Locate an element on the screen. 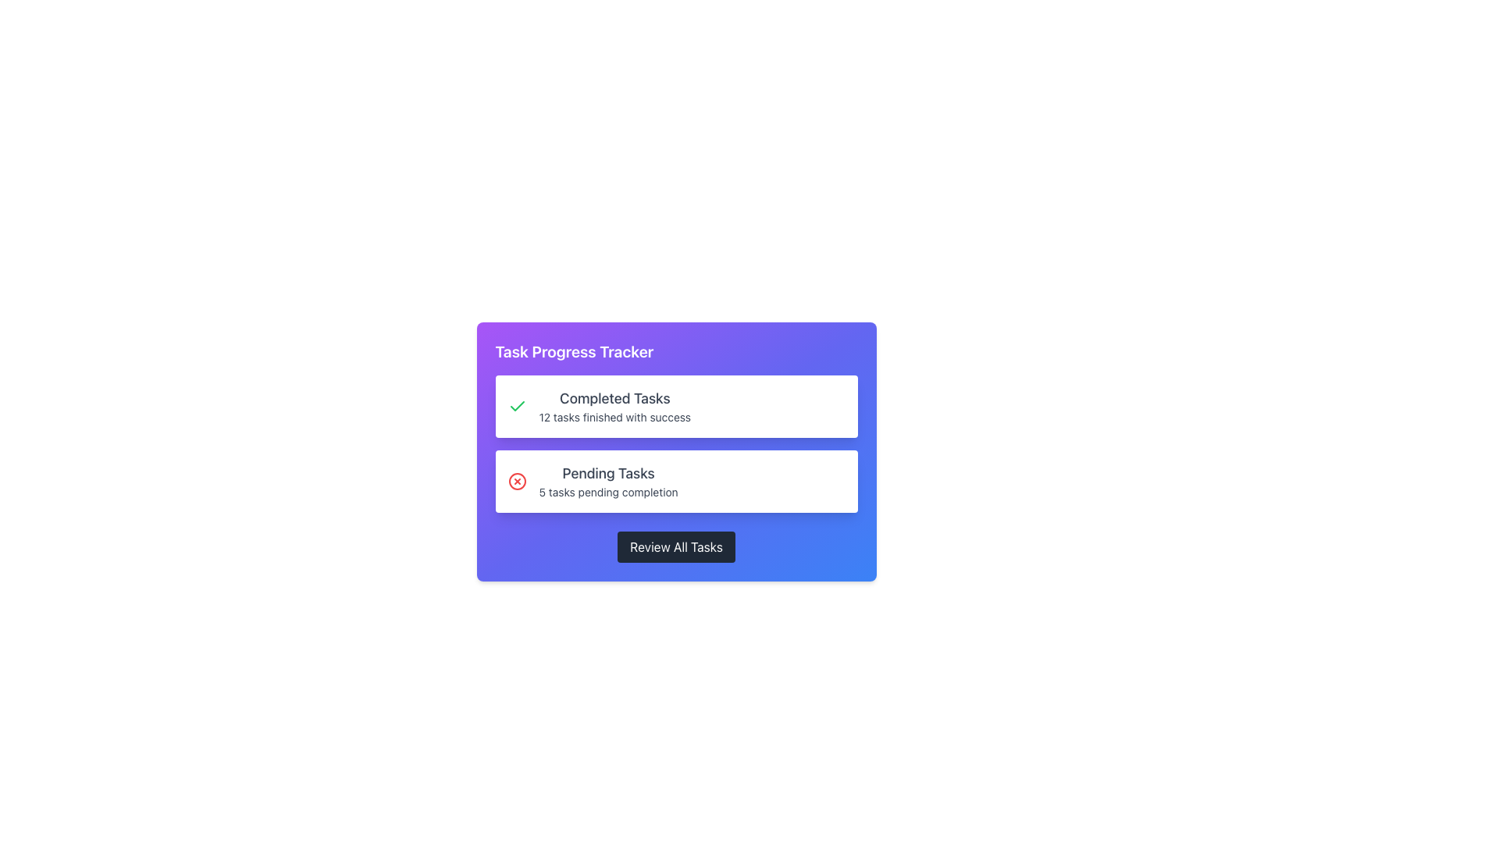  text content of the Text Display element that shows 'Task Progress Tracker', which is styled in bold and placed on a purple gradient background is located at coordinates (573, 352).